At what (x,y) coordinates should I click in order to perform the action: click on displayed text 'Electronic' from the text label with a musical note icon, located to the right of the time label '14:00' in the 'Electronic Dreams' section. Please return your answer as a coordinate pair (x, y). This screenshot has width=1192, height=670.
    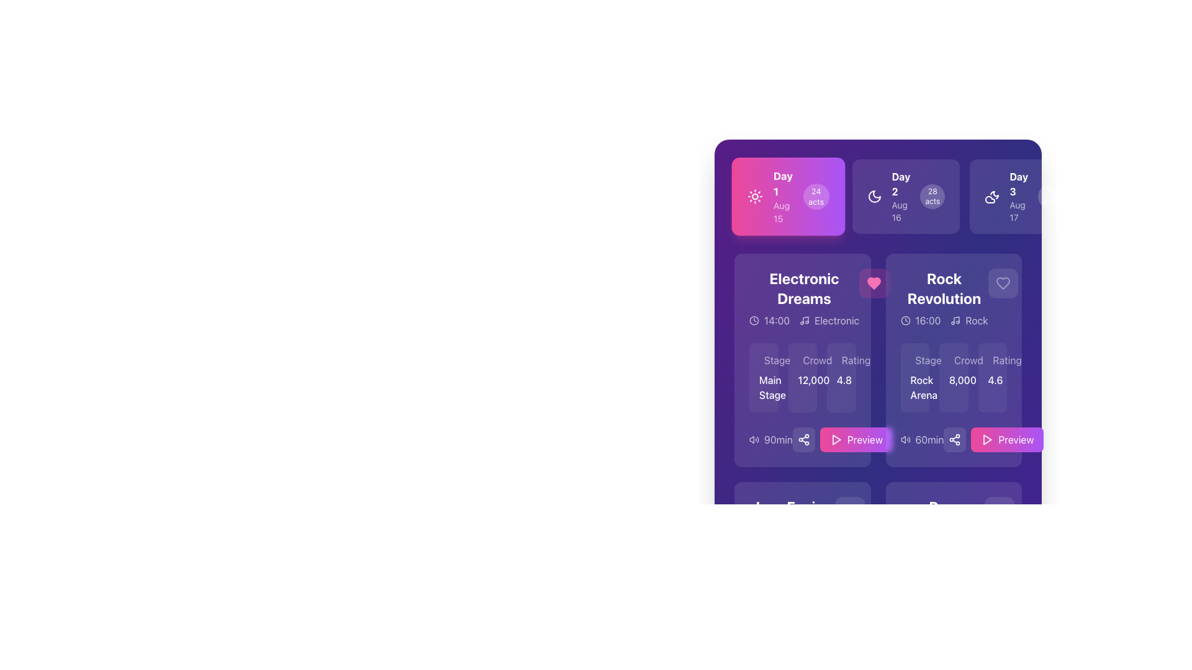
    Looking at the image, I should click on (829, 319).